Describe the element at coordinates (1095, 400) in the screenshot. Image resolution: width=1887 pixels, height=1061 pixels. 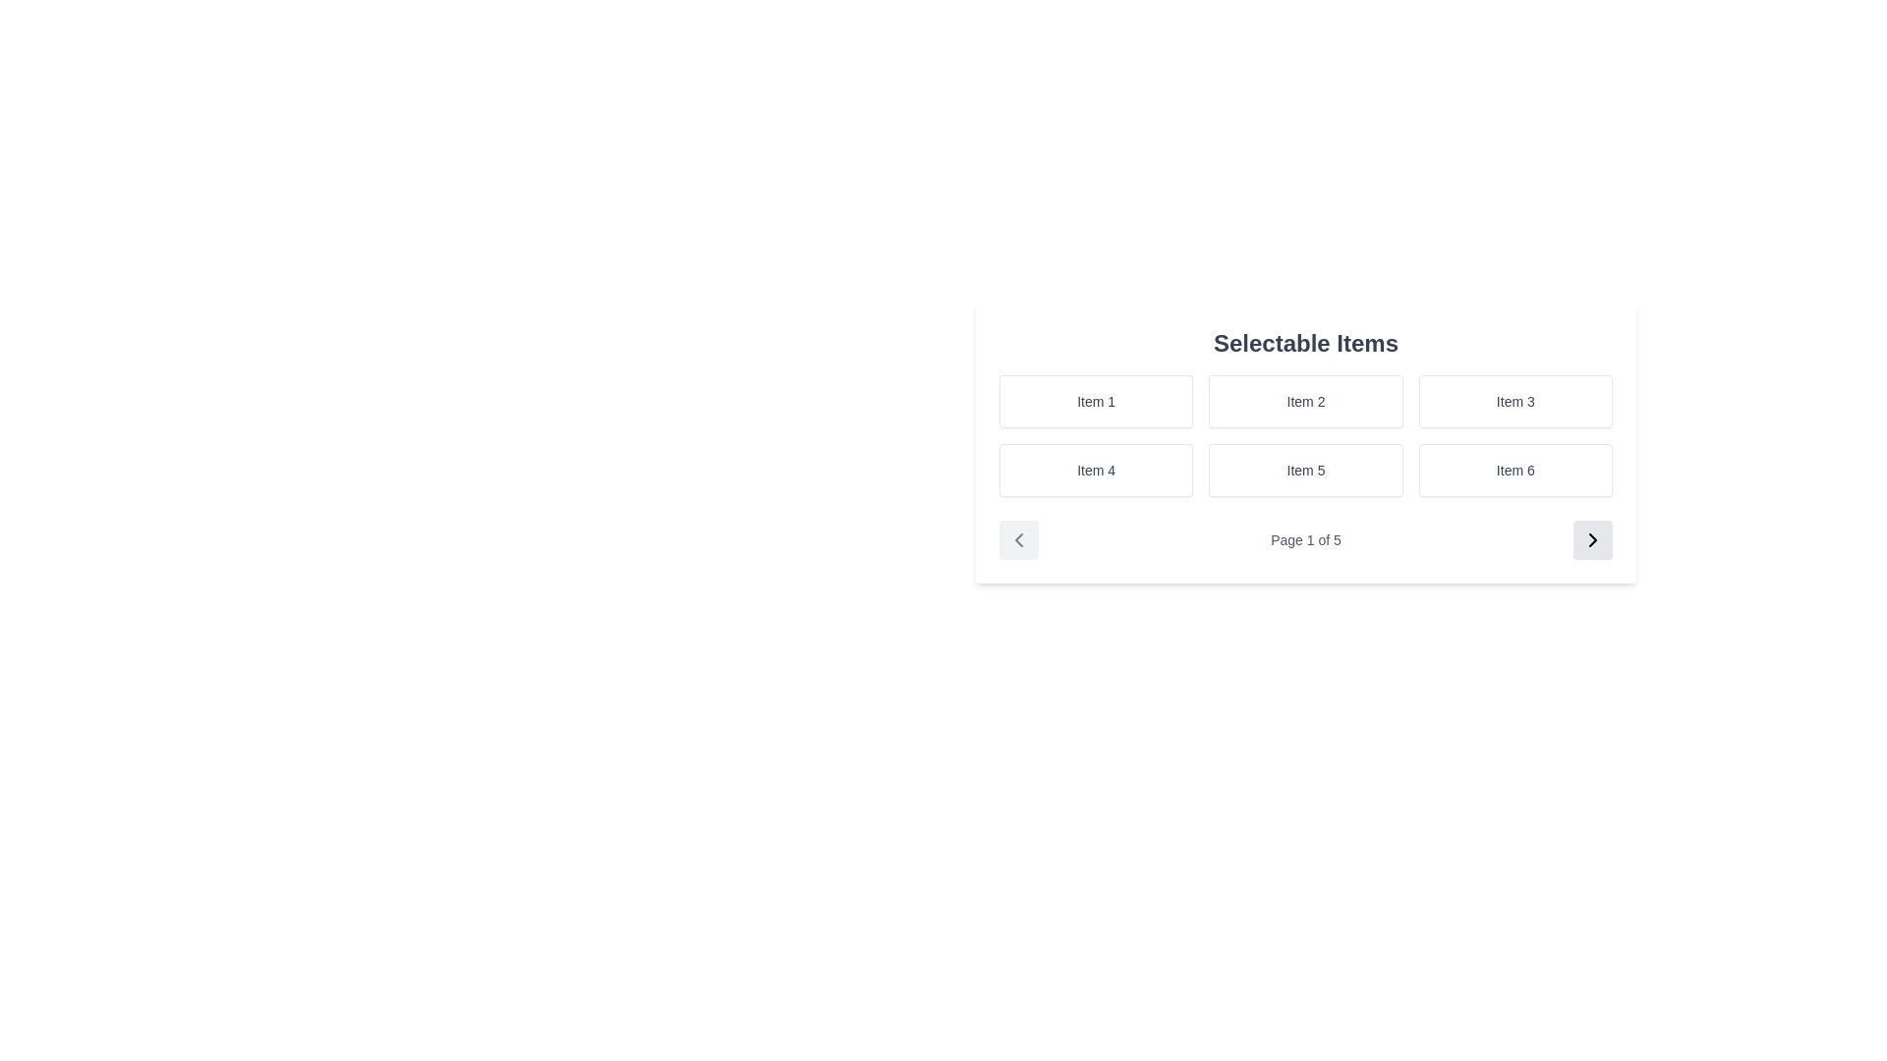
I see `text content from the label displaying 'Item 1', which is centrally positioned in the first row of the paginated selection grid under 'Selectable Items'` at that location.